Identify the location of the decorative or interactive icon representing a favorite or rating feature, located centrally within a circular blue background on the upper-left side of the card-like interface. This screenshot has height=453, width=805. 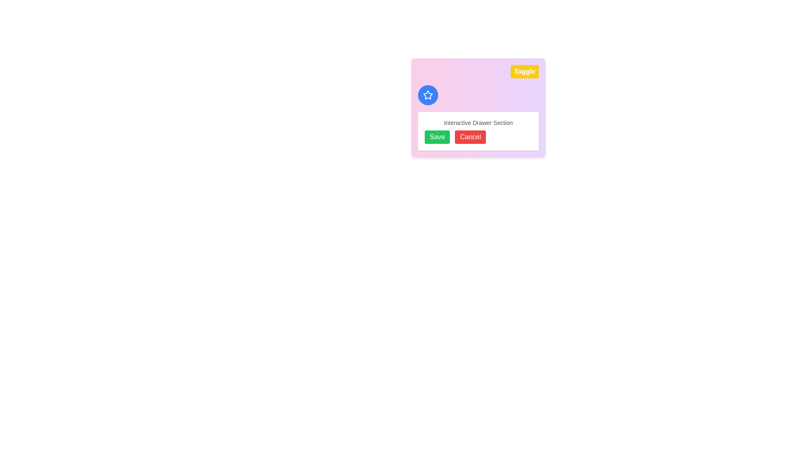
(428, 95).